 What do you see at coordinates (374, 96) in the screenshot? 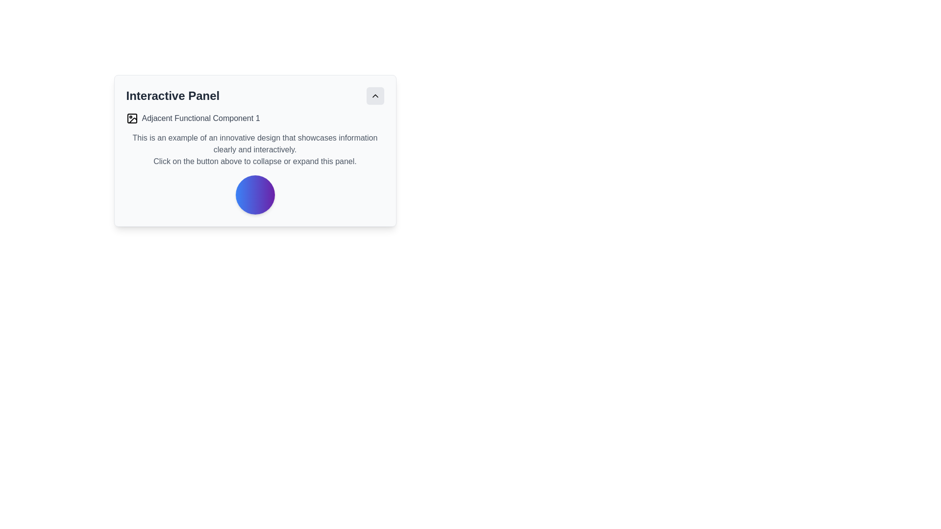
I see `the upward-pointing chevron-shaped icon located at the center of the light gray rounded rectangular button in the top-right corner of the 'Interactive Panel'` at bounding box center [374, 96].